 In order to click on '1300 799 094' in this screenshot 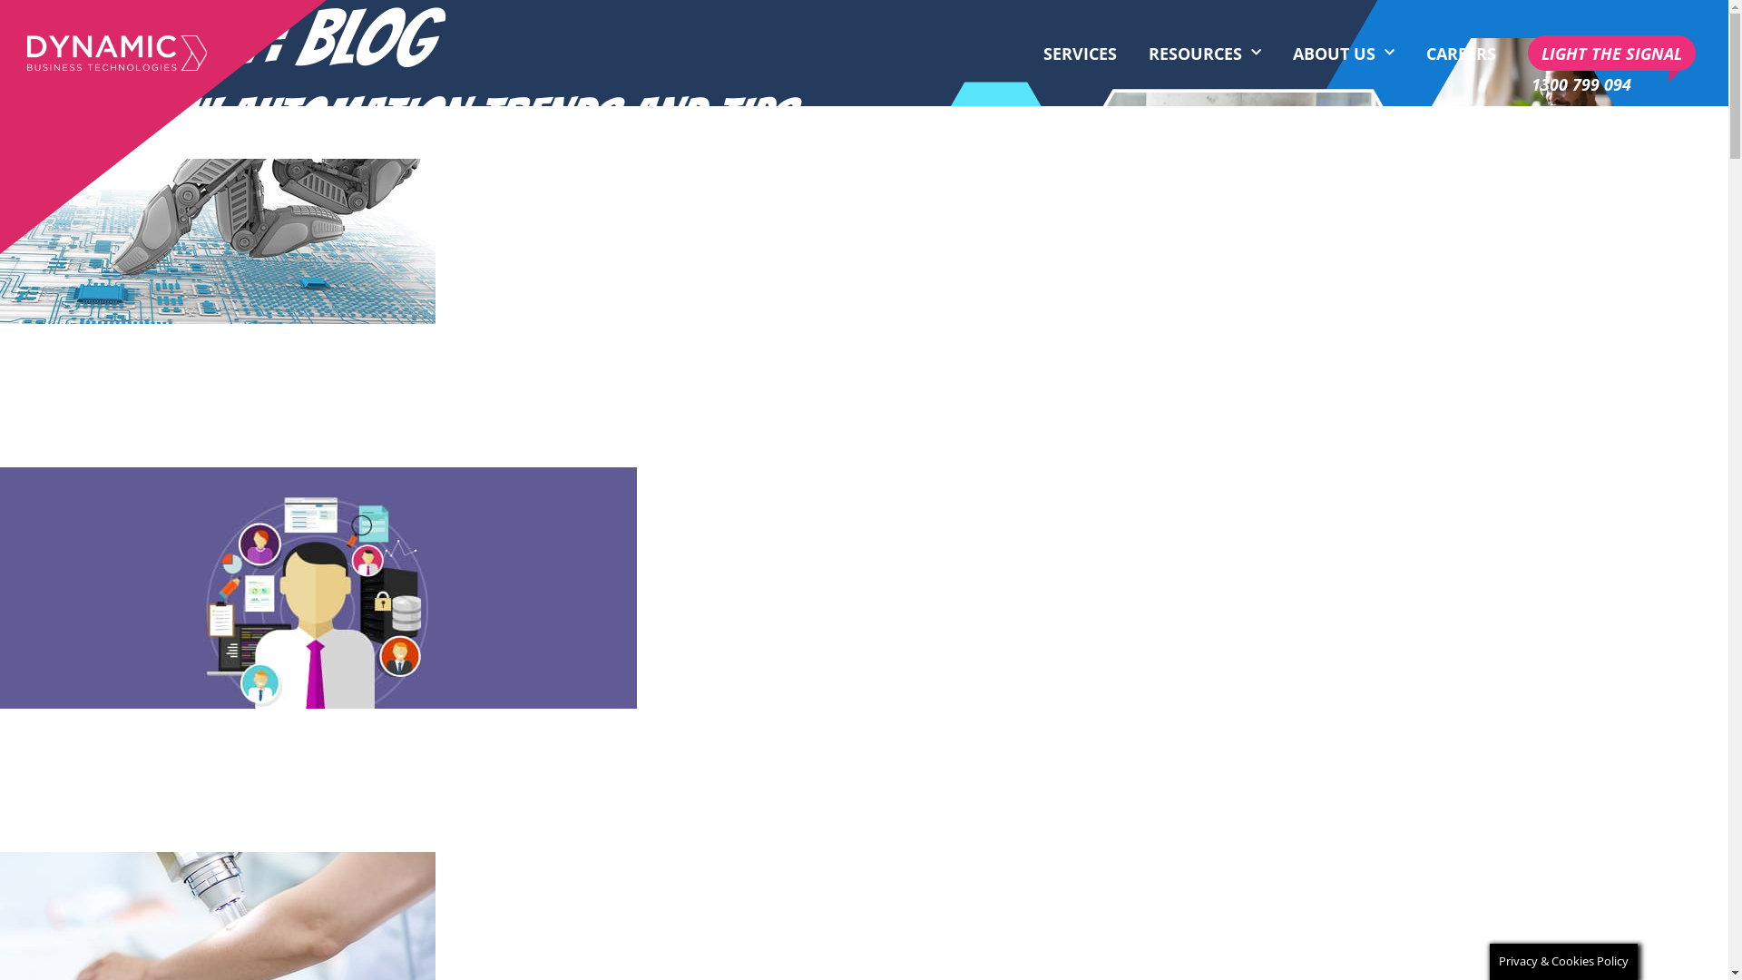, I will do `click(1580, 83)`.